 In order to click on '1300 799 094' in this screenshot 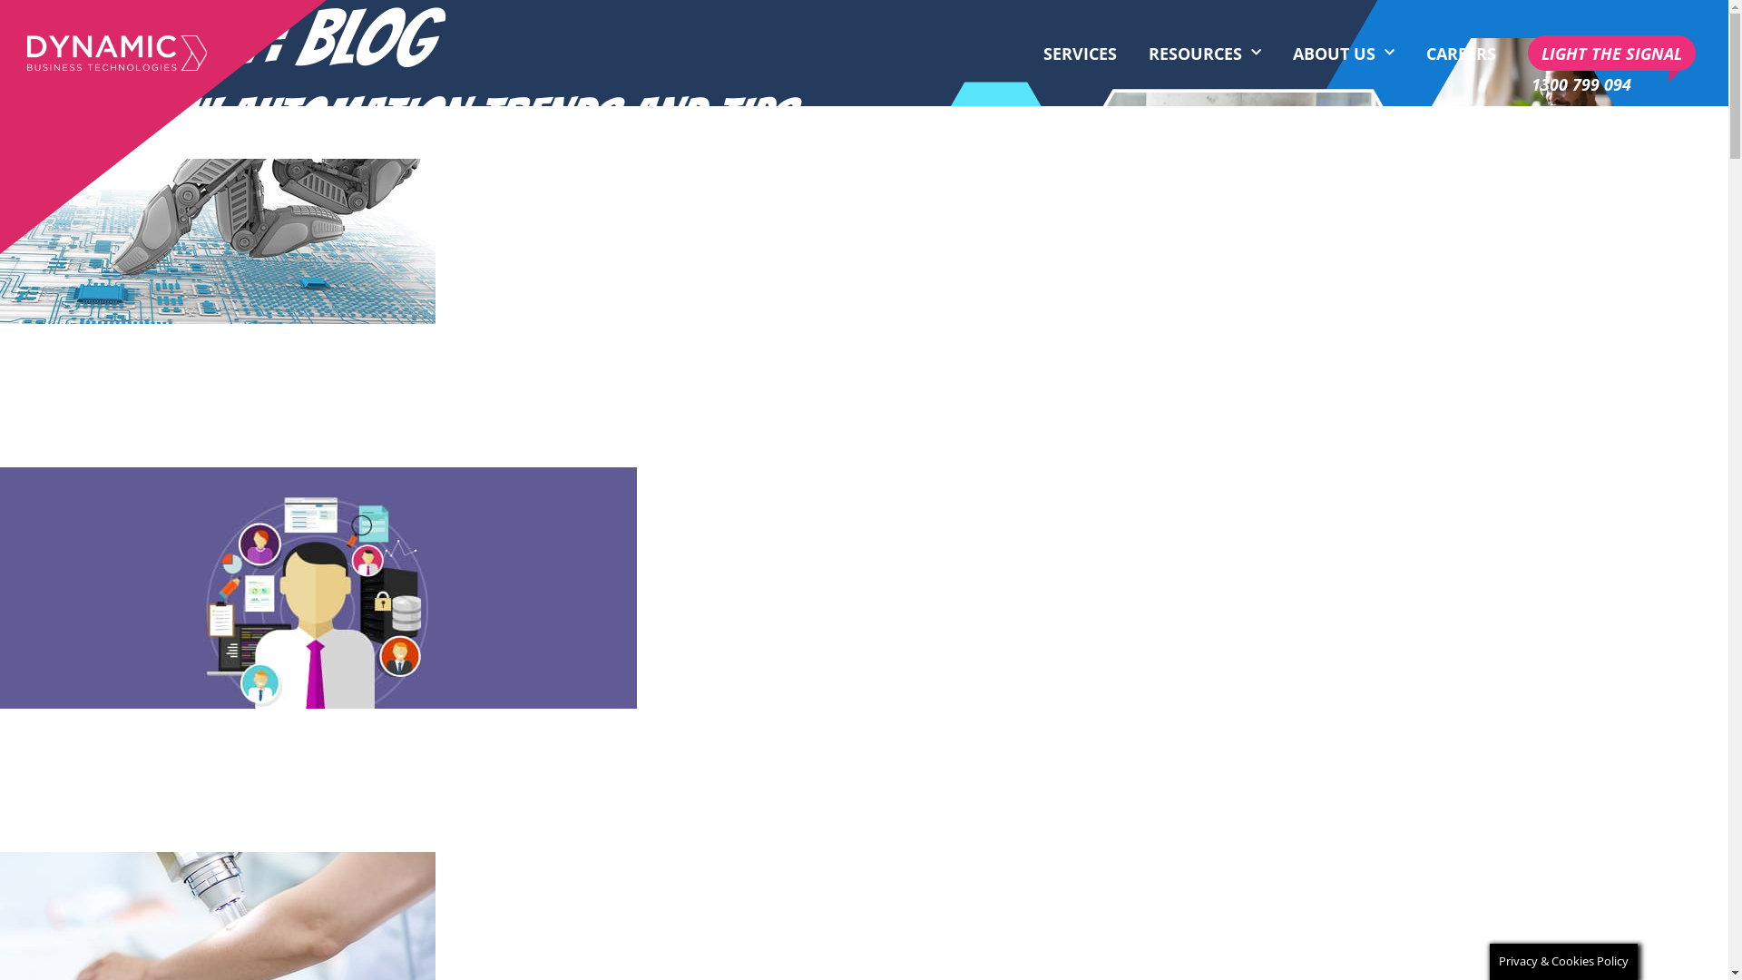, I will do `click(1580, 83)`.